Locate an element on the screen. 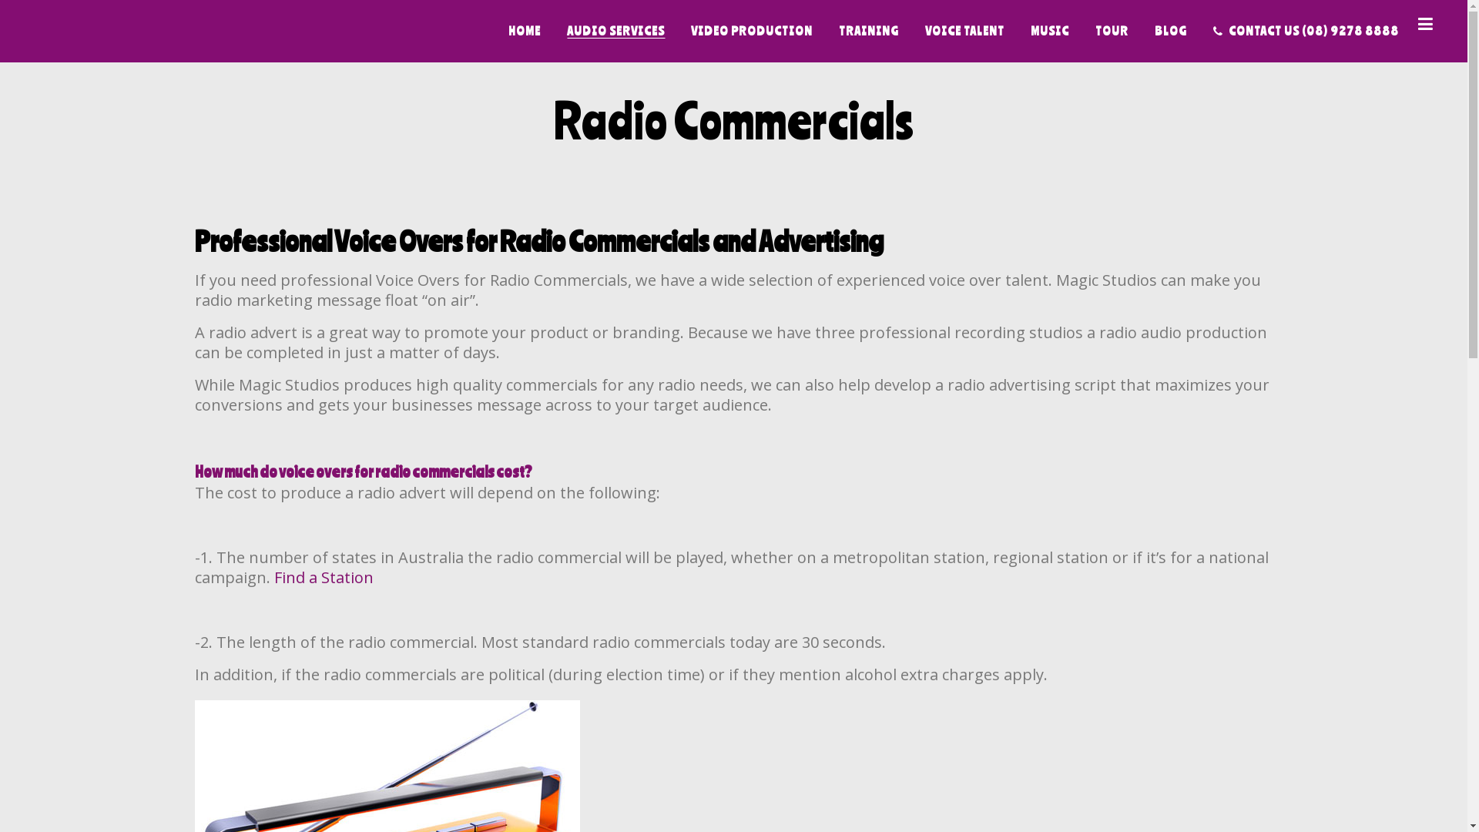  'TRAINING' is located at coordinates (869, 30).